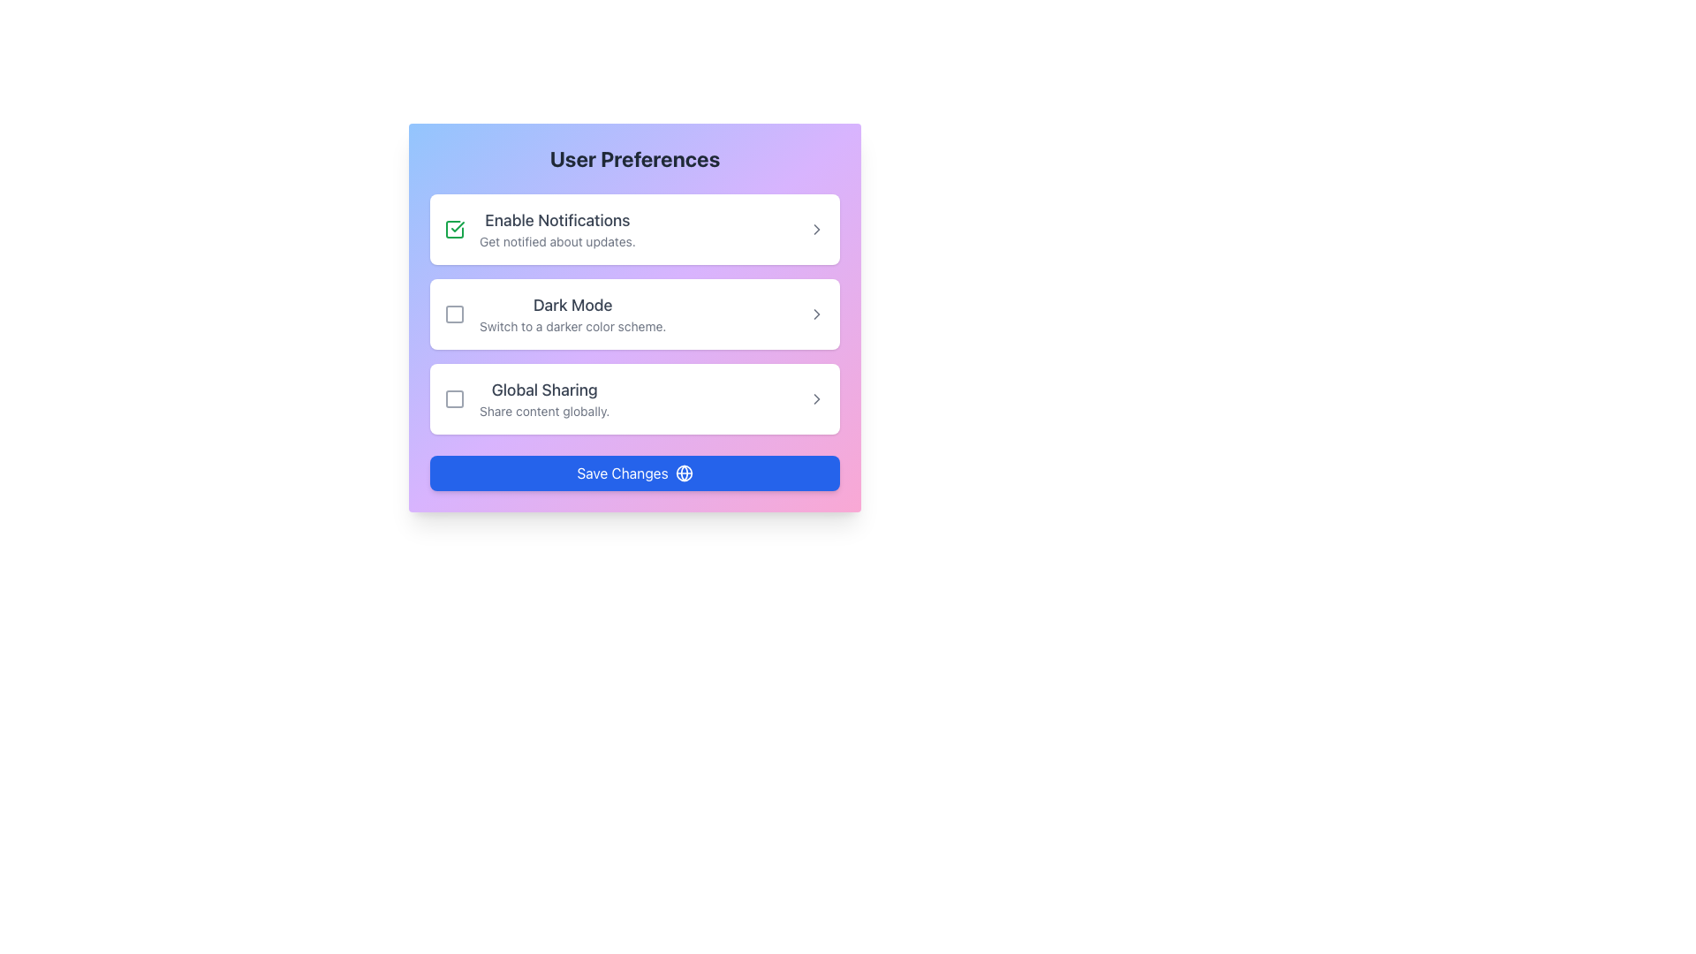 Image resolution: width=1696 pixels, height=954 pixels. Describe the element at coordinates (543, 390) in the screenshot. I see `the 'Global Sharing' label, which is a bold, dark gray text element located at the top of the third option group in the 'User Preferences' section` at that location.